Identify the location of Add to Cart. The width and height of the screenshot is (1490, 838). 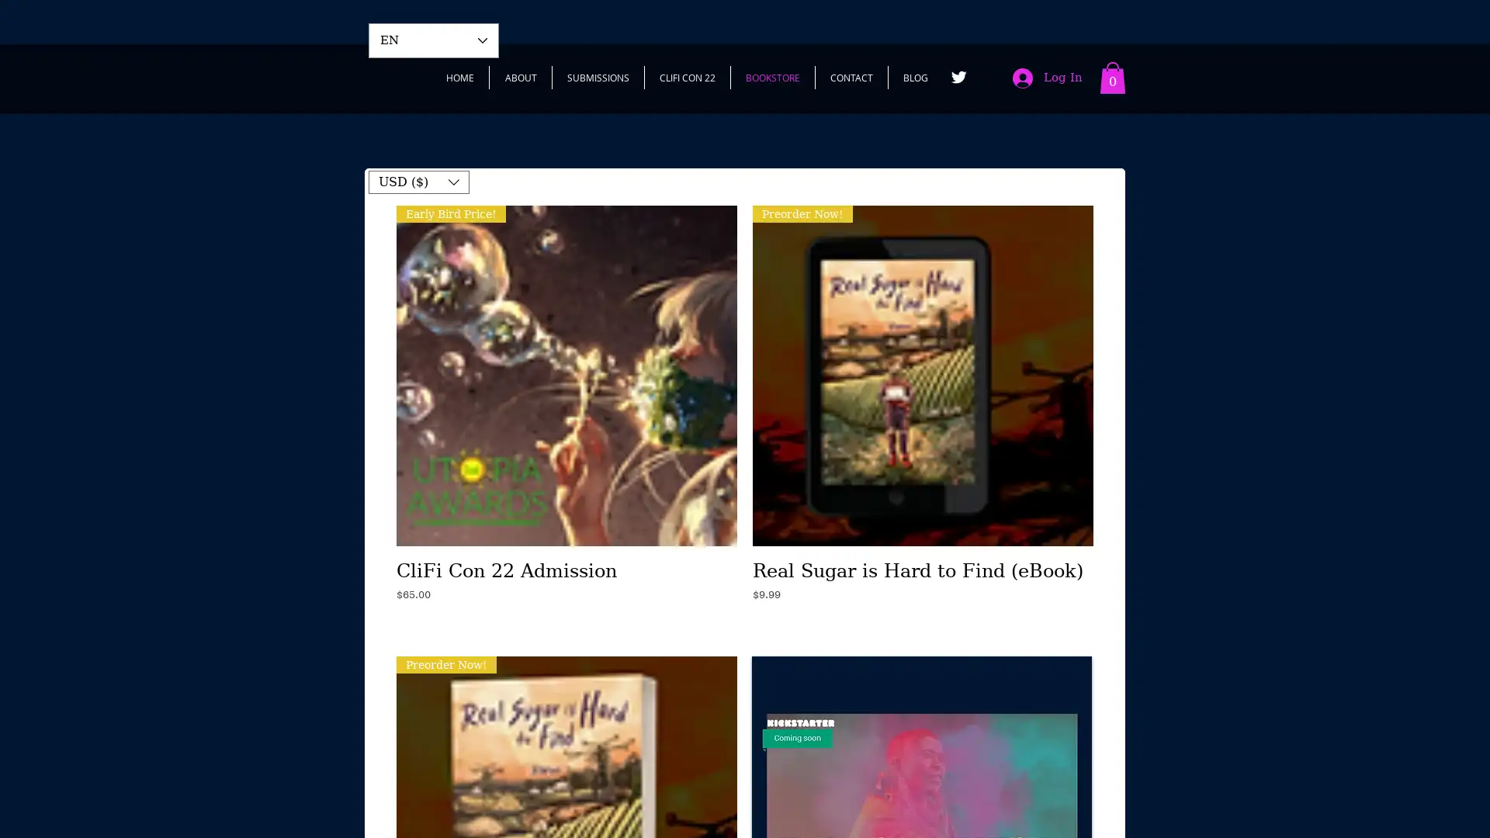
(566, 625).